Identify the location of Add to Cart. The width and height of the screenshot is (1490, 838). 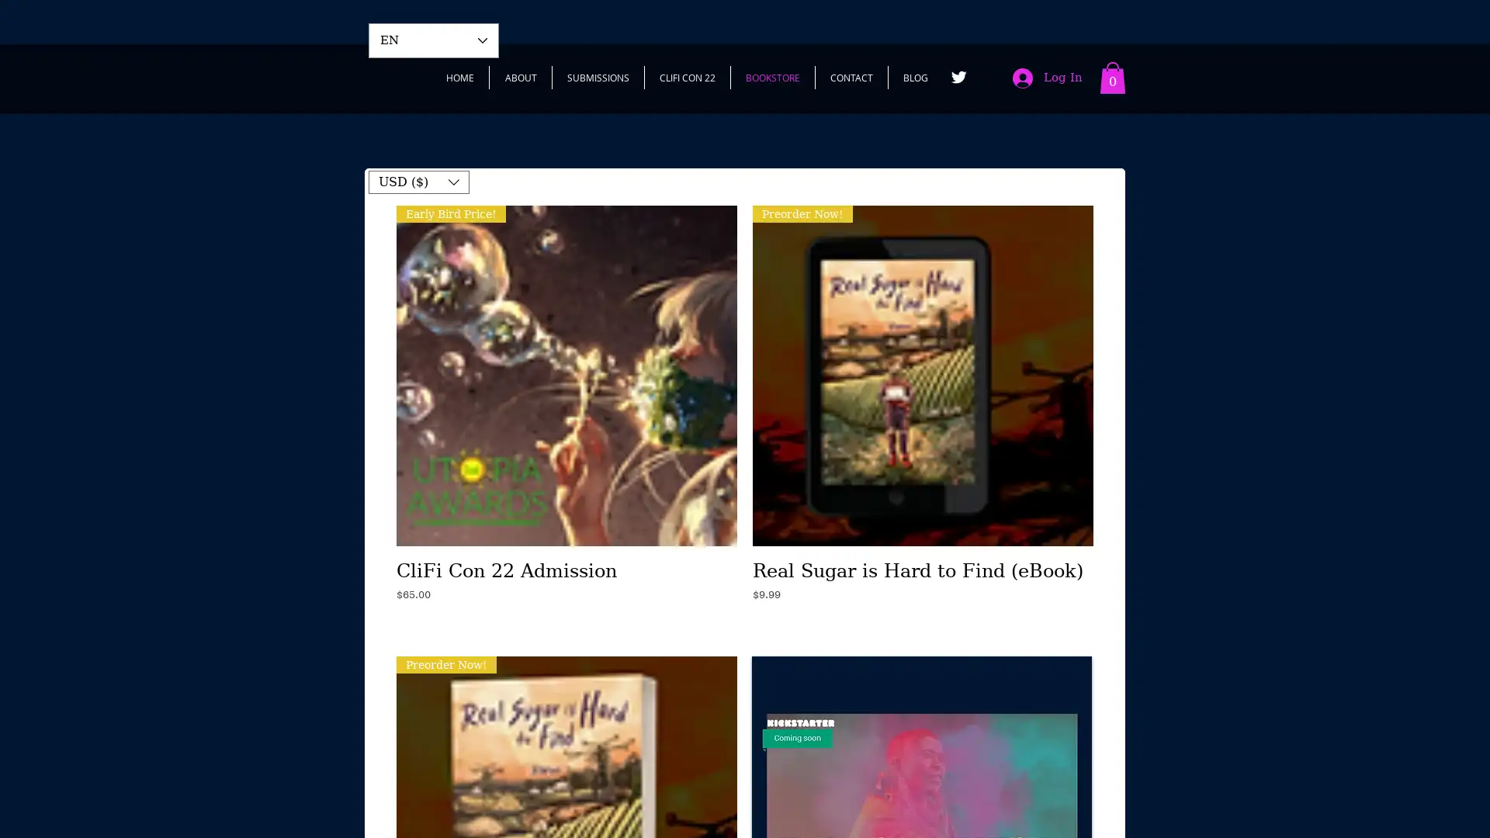
(566, 625).